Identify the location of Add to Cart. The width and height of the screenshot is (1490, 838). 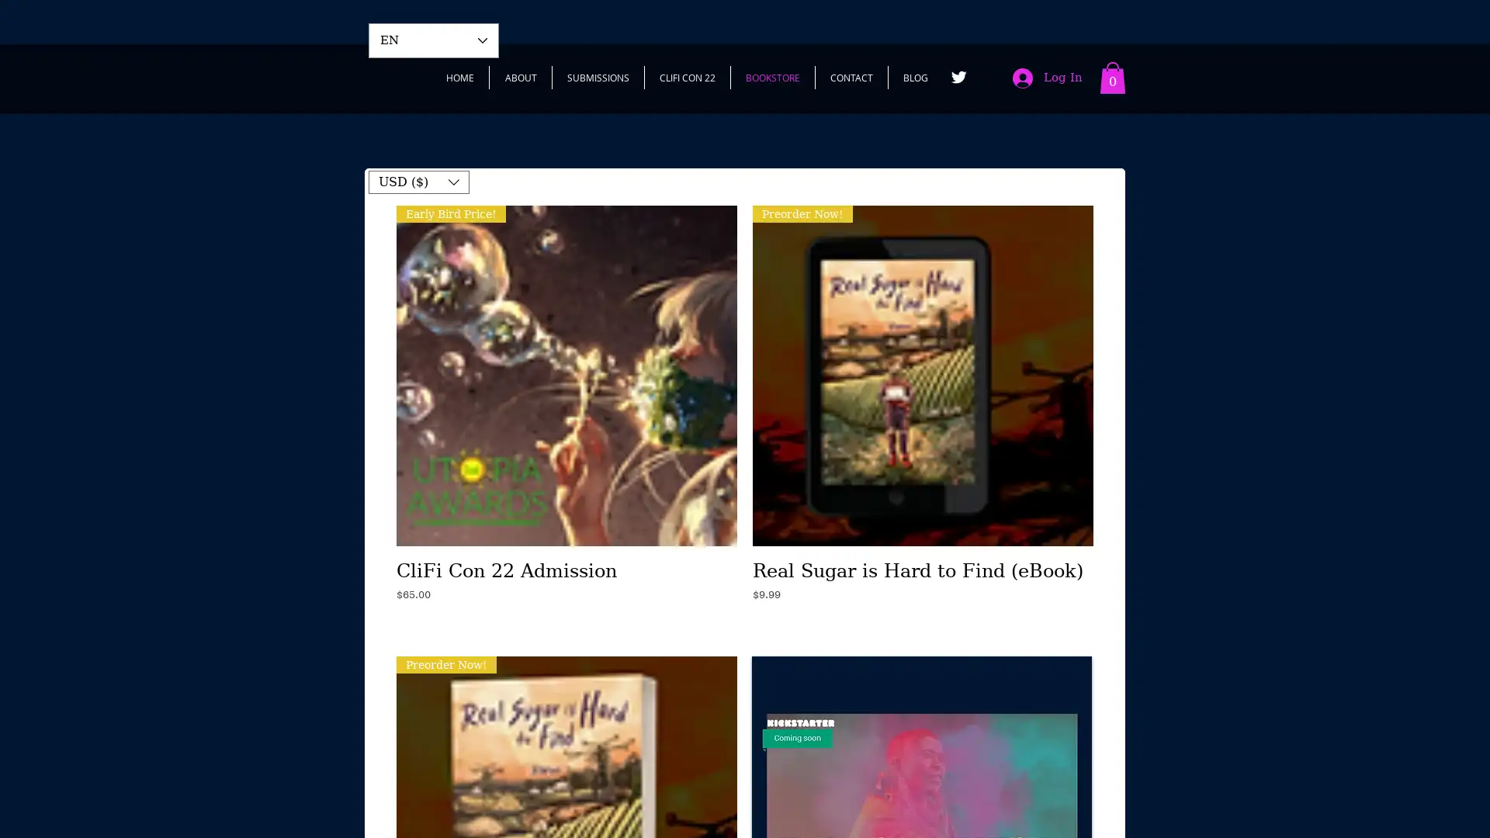
(566, 625).